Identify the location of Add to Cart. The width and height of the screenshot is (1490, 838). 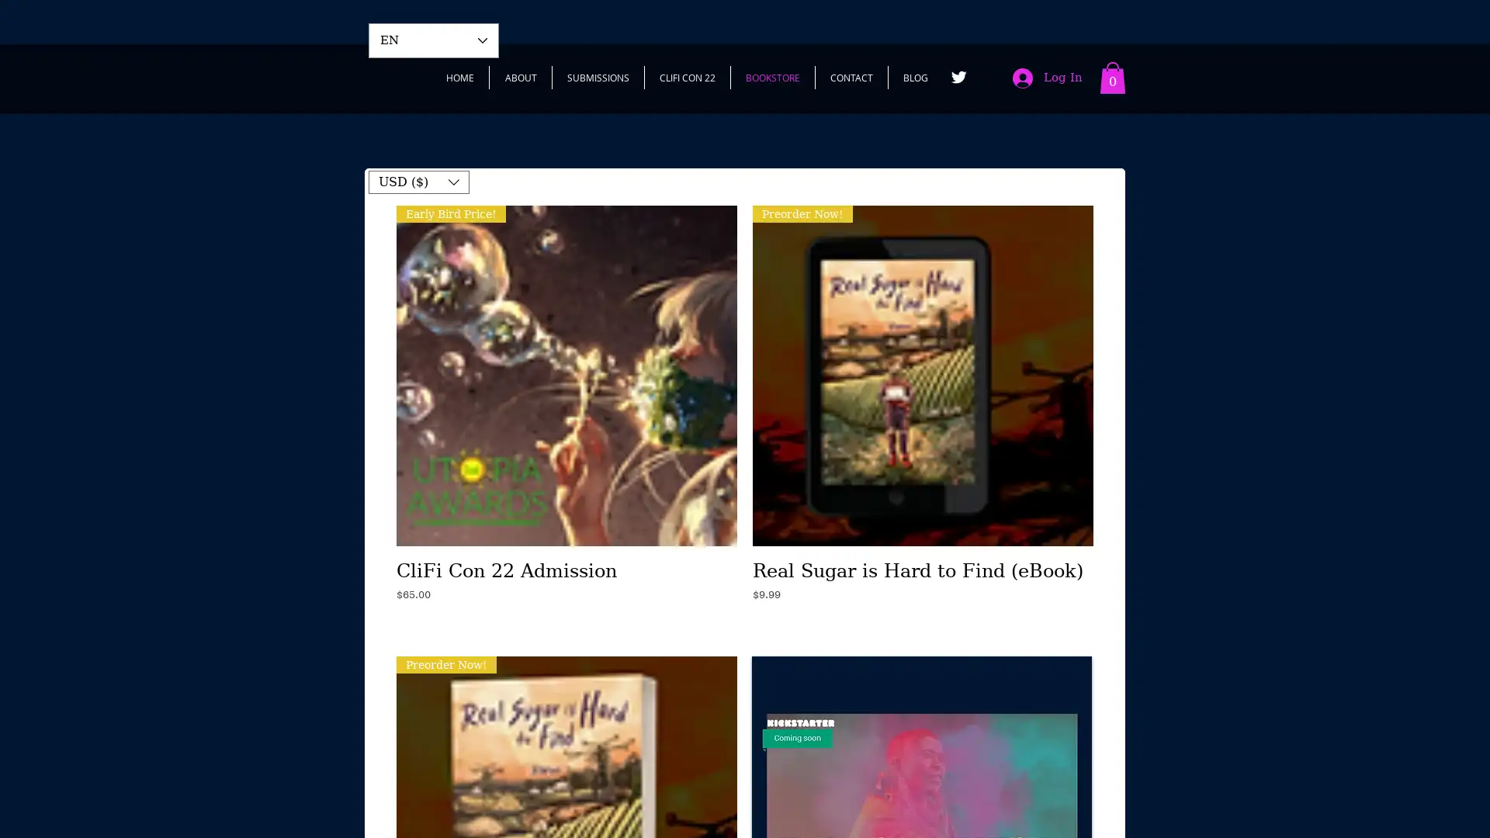
(566, 625).